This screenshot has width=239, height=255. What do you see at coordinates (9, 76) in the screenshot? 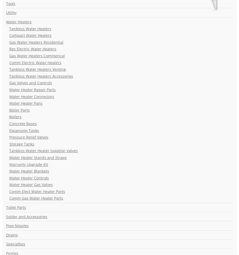
I see `'Tankless Water Heaters Accessories'` at bounding box center [9, 76].